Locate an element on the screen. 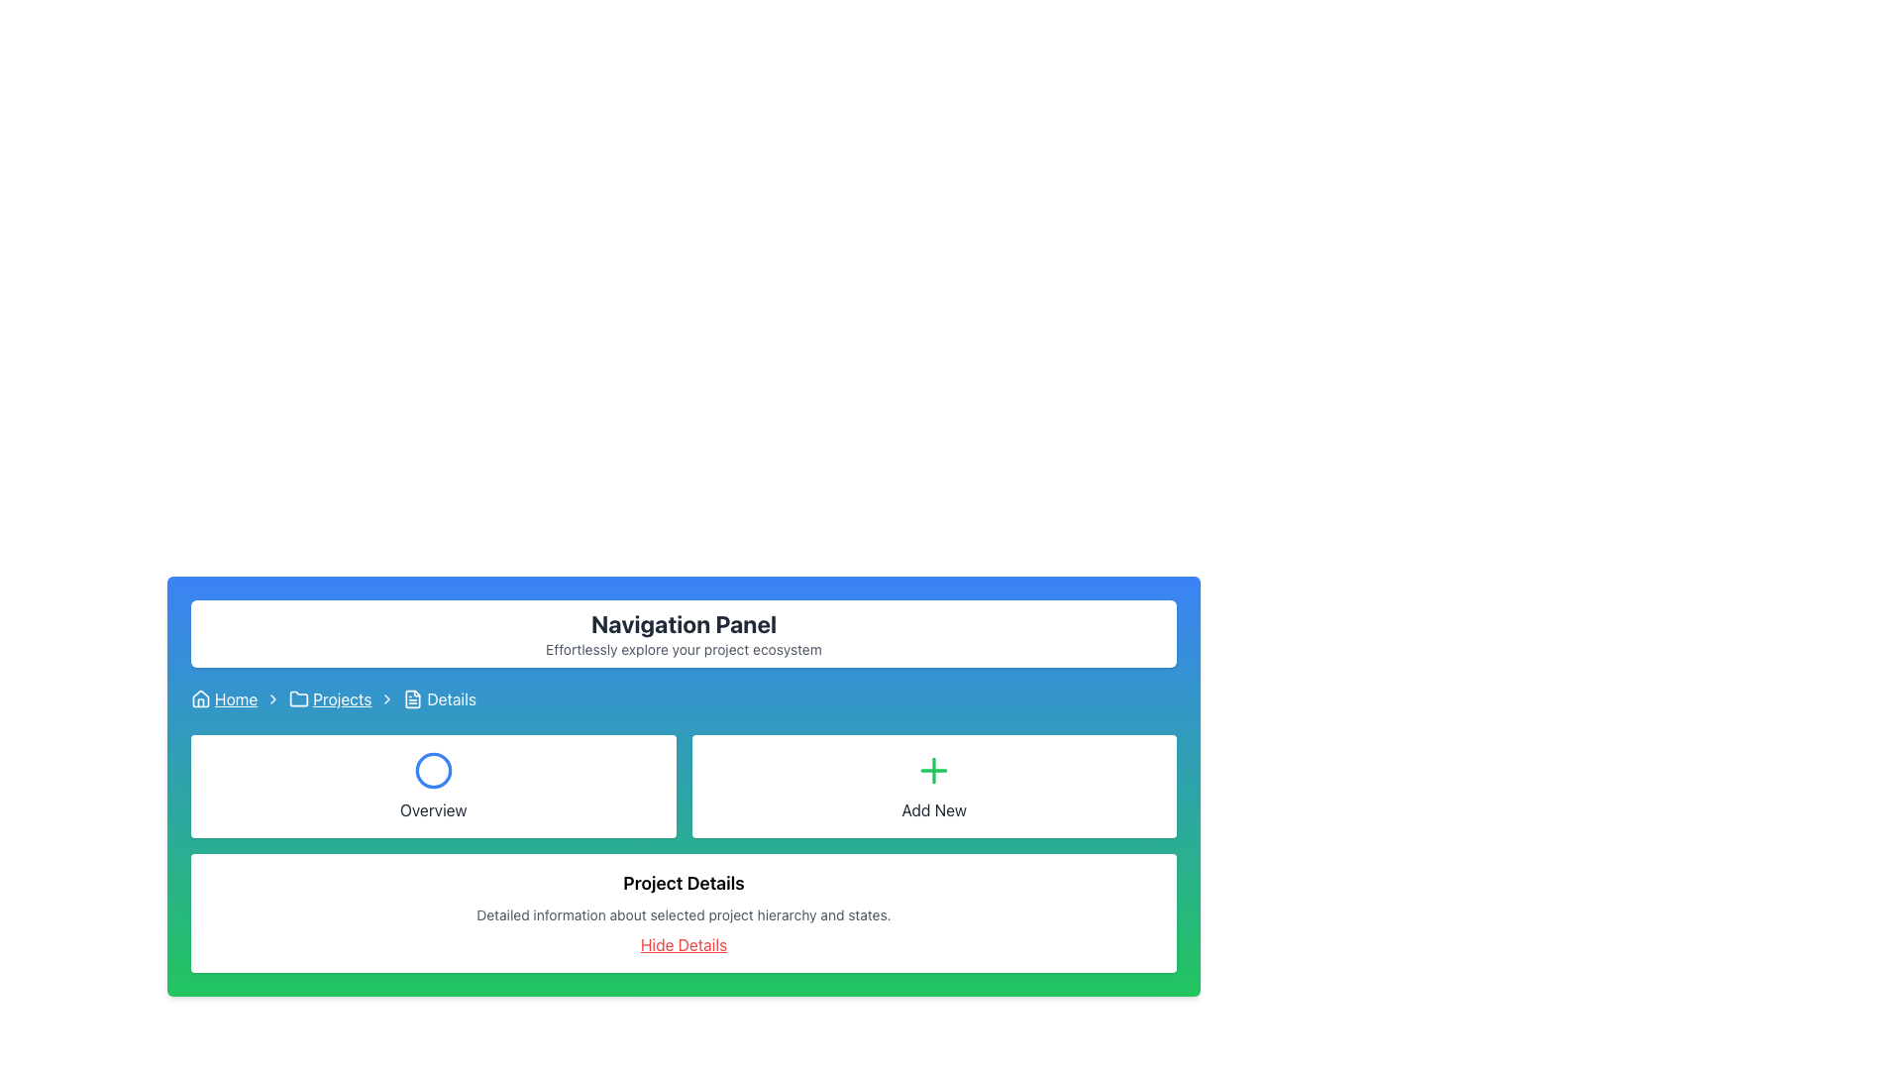  the hyperlink with an accompanying icon in the breadcrumb navigation located at the top-left corner, which allows users is located at coordinates (224, 697).